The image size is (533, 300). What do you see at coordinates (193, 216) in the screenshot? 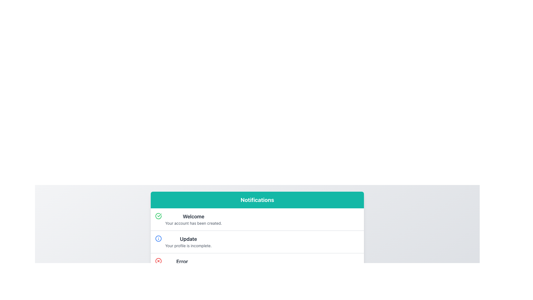
I see `title text label positioned at the top of the notification, which summarizes the notification's purpose and precedes the secondary description text` at bounding box center [193, 216].